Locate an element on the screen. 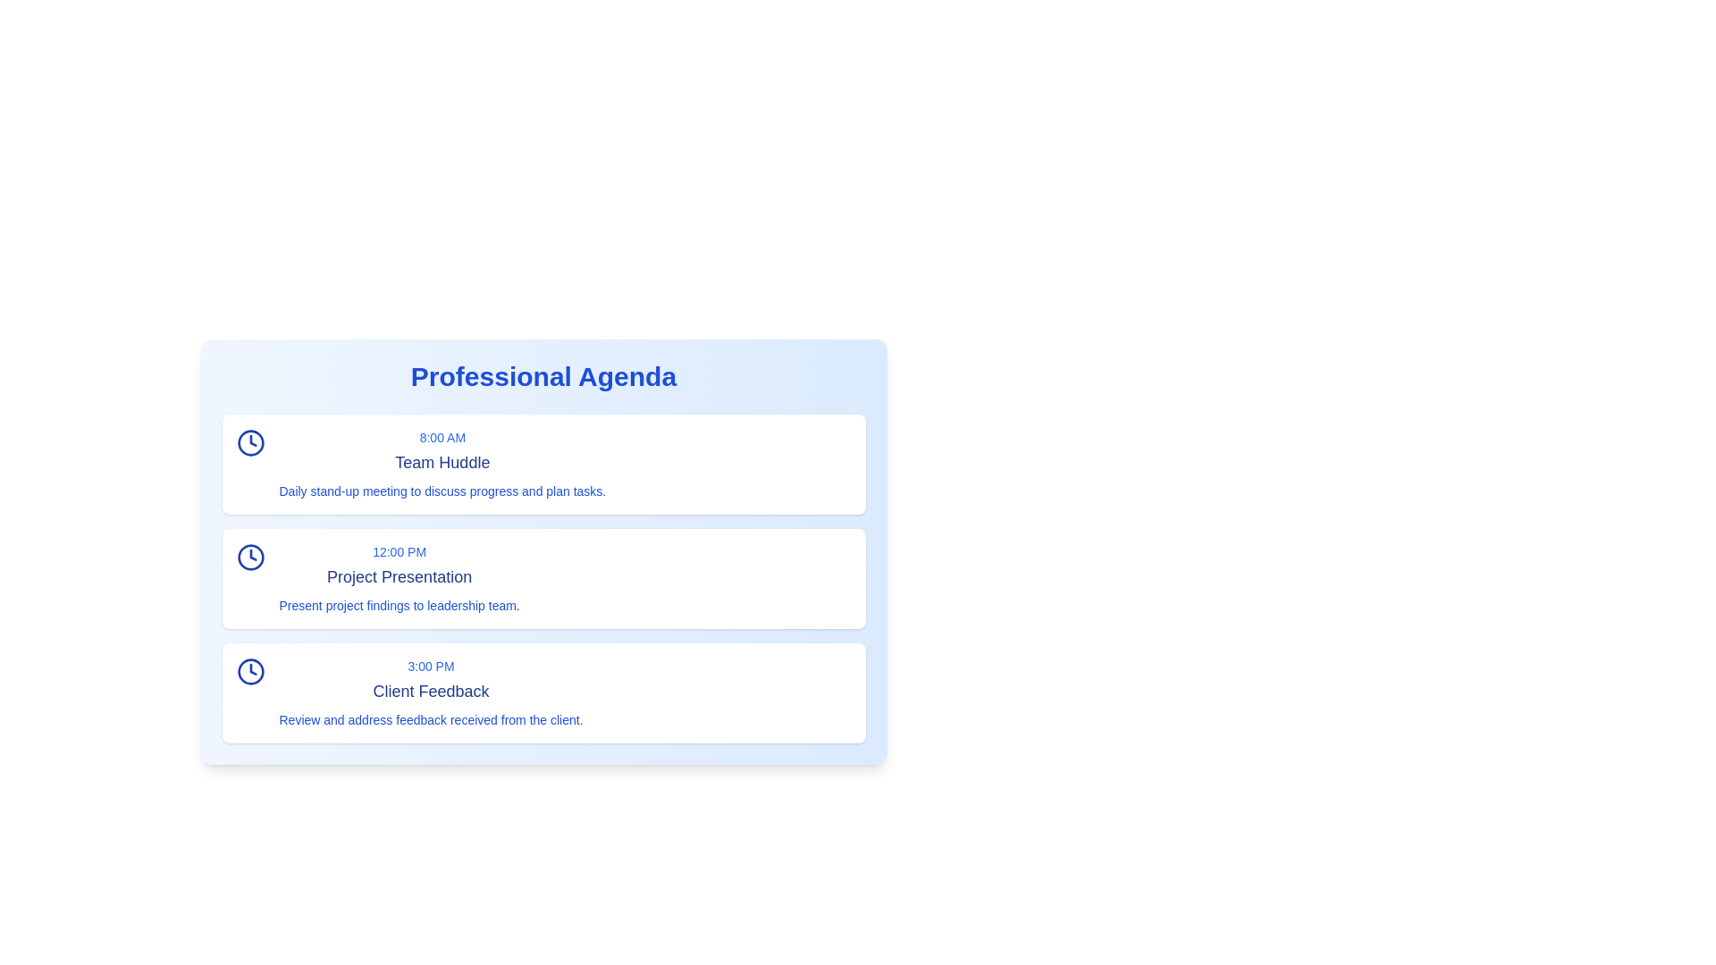 The image size is (1716, 965). the informational card displaying 'Client Feedback' scheduled at '3:00 PM', which is the third card in a vertical stack of event cards is located at coordinates (543, 692).